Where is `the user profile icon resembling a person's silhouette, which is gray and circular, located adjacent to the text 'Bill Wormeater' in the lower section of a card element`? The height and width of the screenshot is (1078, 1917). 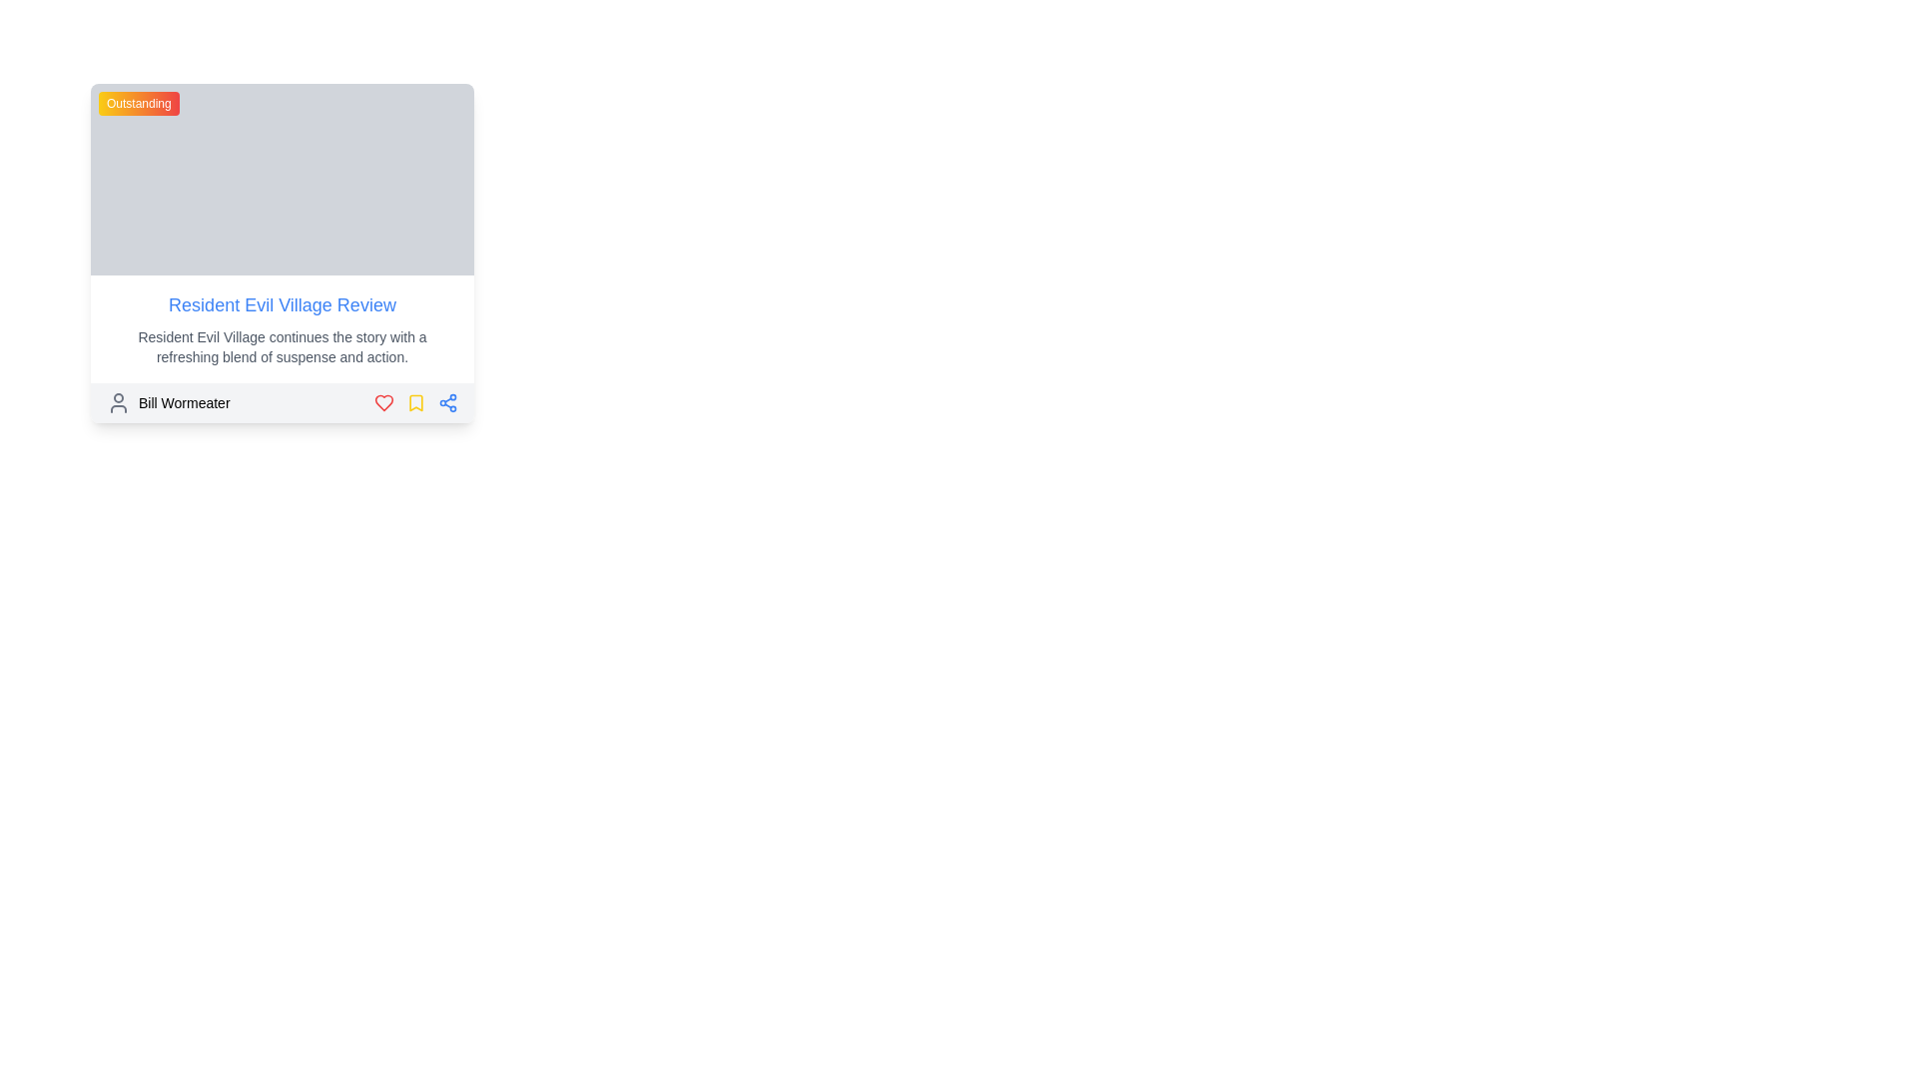
the user profile icon resembling a person's silhouette, which is gray and circular, located adjacent to the text 'Bill Wormeater' in the lower section of a card element is located at coordinates (118, 403).